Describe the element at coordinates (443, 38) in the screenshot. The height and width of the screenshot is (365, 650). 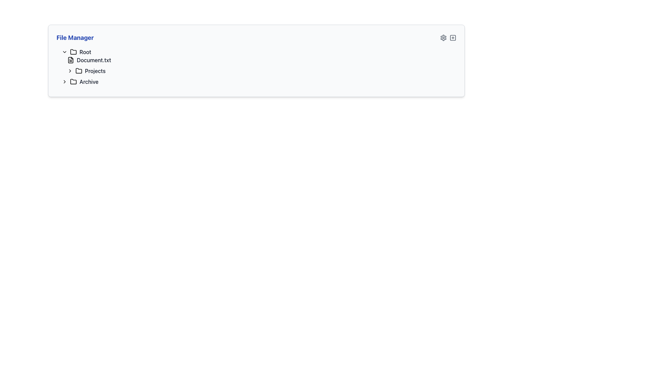
I see `the gear icon button located at the top-right corner of the card layout, which is styled in grayscale and changes to blue on hover` at that location.